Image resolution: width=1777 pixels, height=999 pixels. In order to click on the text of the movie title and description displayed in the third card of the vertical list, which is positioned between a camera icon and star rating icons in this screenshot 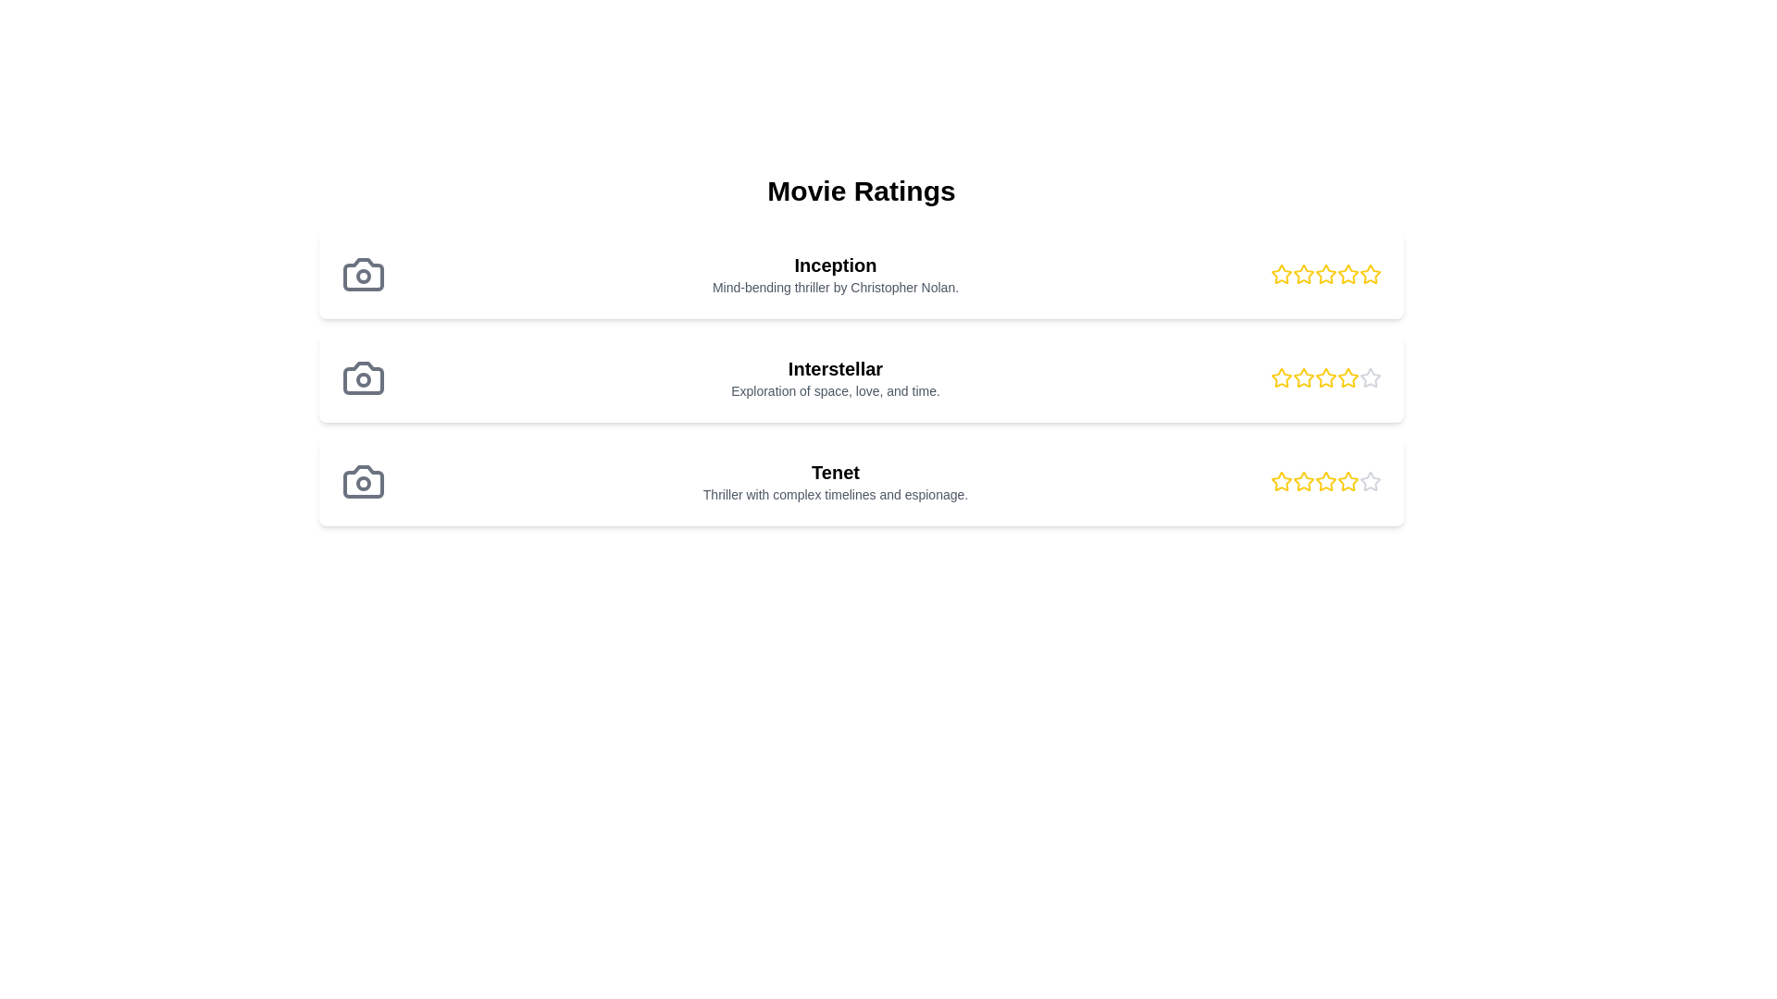, I will do `click(834, 480)`.